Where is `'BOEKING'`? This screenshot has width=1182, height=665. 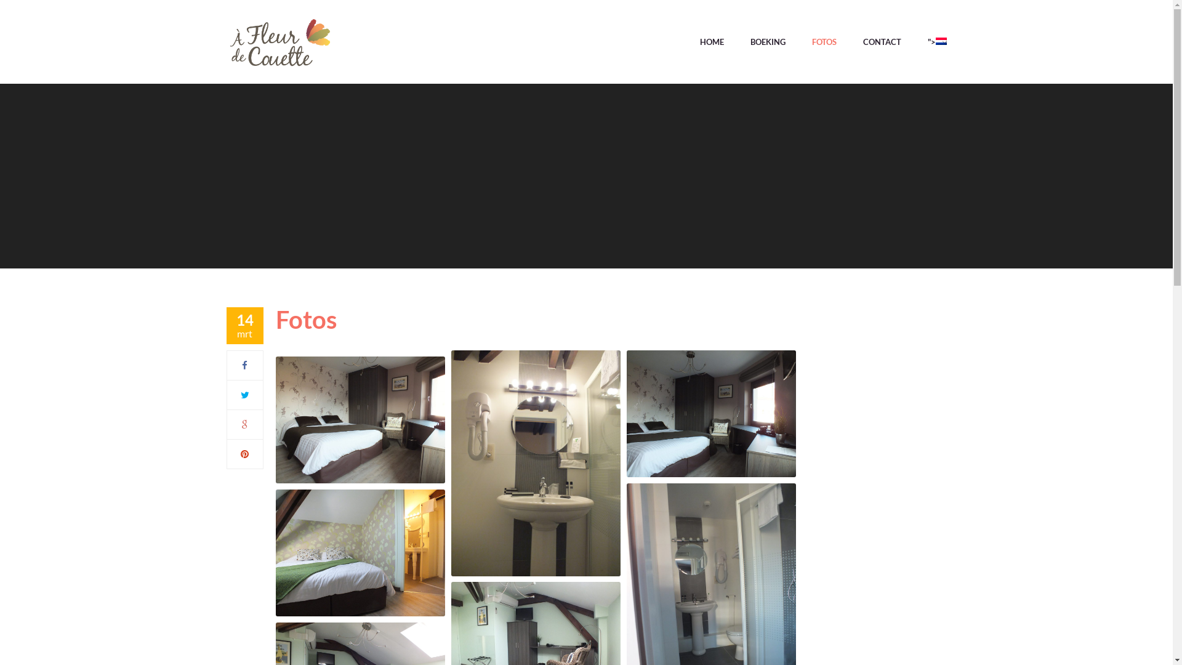
'BOEKING' is located at coordinates (766, 44).